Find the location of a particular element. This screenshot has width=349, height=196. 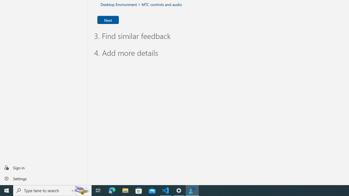

'Task View' is located at coordinates (98, 190).